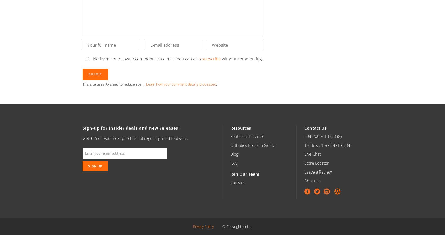 The image size is (445, 235). I want to click on 'Foot Health Centre', so click(247, 136).